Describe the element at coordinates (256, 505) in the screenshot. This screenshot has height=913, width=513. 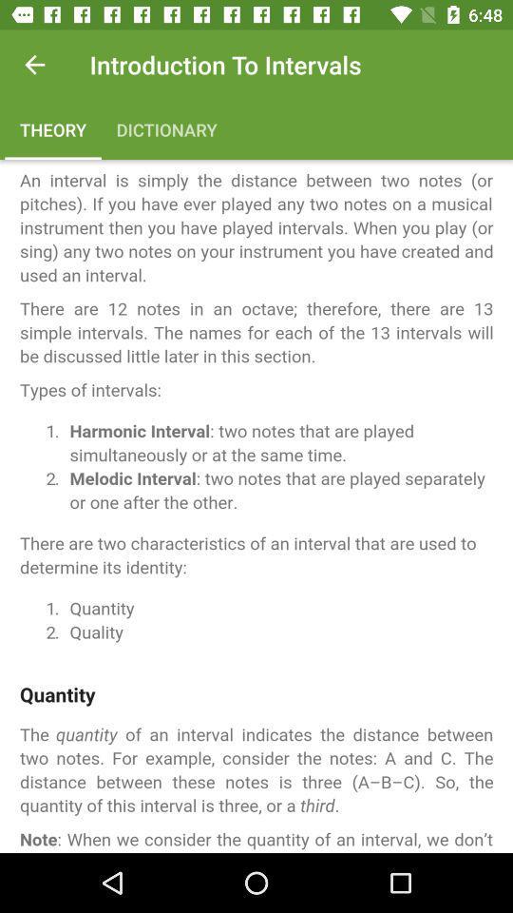
I see `article area` at that location.